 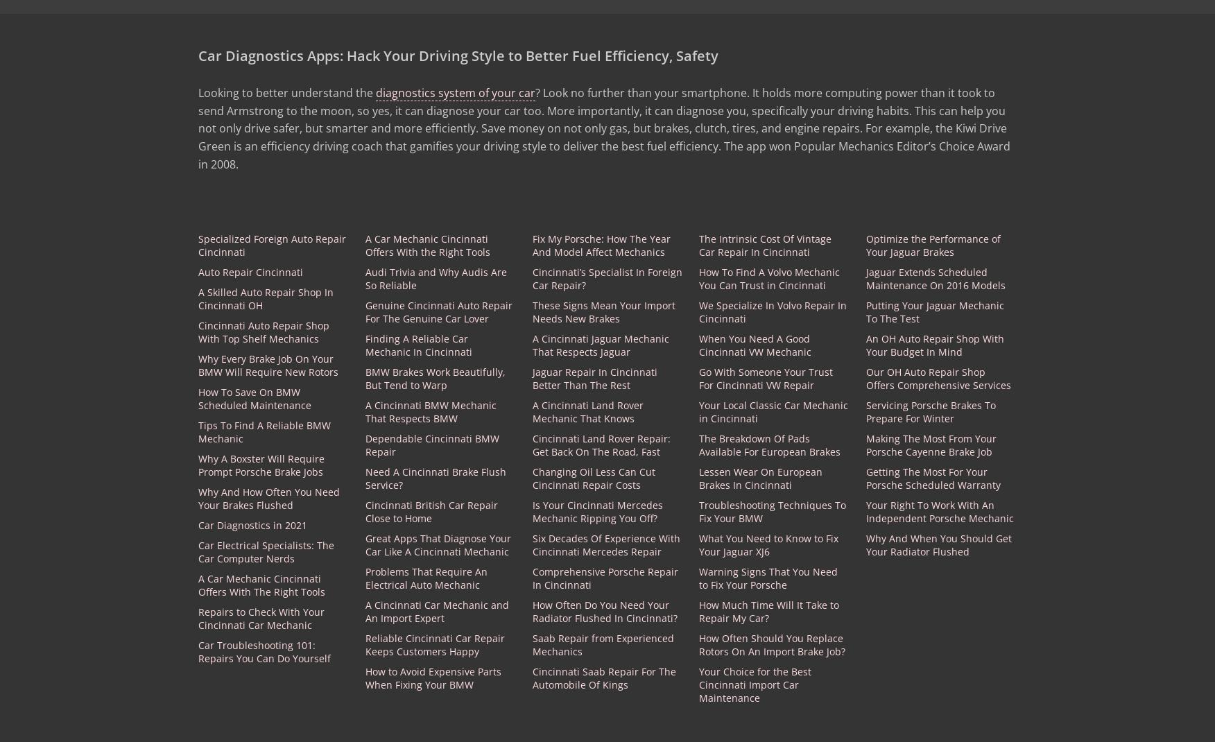 I want to click on '? Look no further than your smartphone. It holds more computing power than it took to send Armstrong to the moon, so yes, it can diagnose your car too. More importantly, it can diagnose you, specifically your driving habits. This can help you not only drive safer, but smarter and more efficiently. Save money on not only gas, but brakes, clutch, tires, and engine repairs. For example, the Kiwi Drive Green is an efficiency driving coach that gamifies your driving style to deliver the best fuel efficiency. The app won Popular Mechanics Editor’s Choice Award in 2008.', so click(x=603, y=128).